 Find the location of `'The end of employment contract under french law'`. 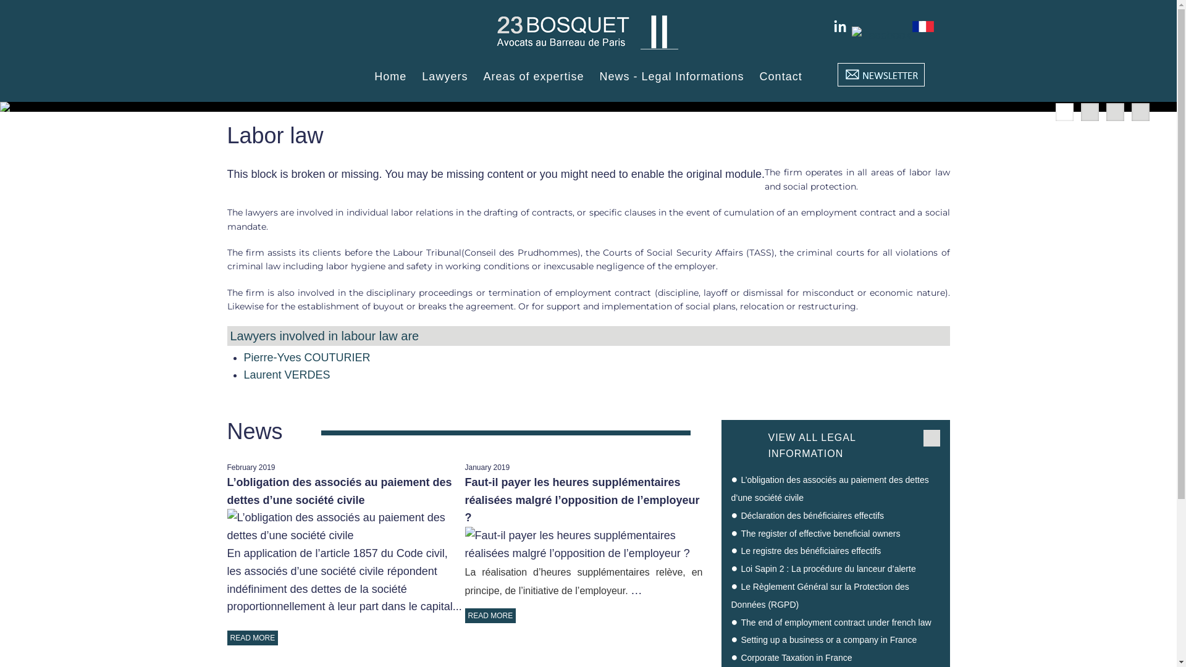

'The end of employment contract under french law' is located at coordinates (836, 622).